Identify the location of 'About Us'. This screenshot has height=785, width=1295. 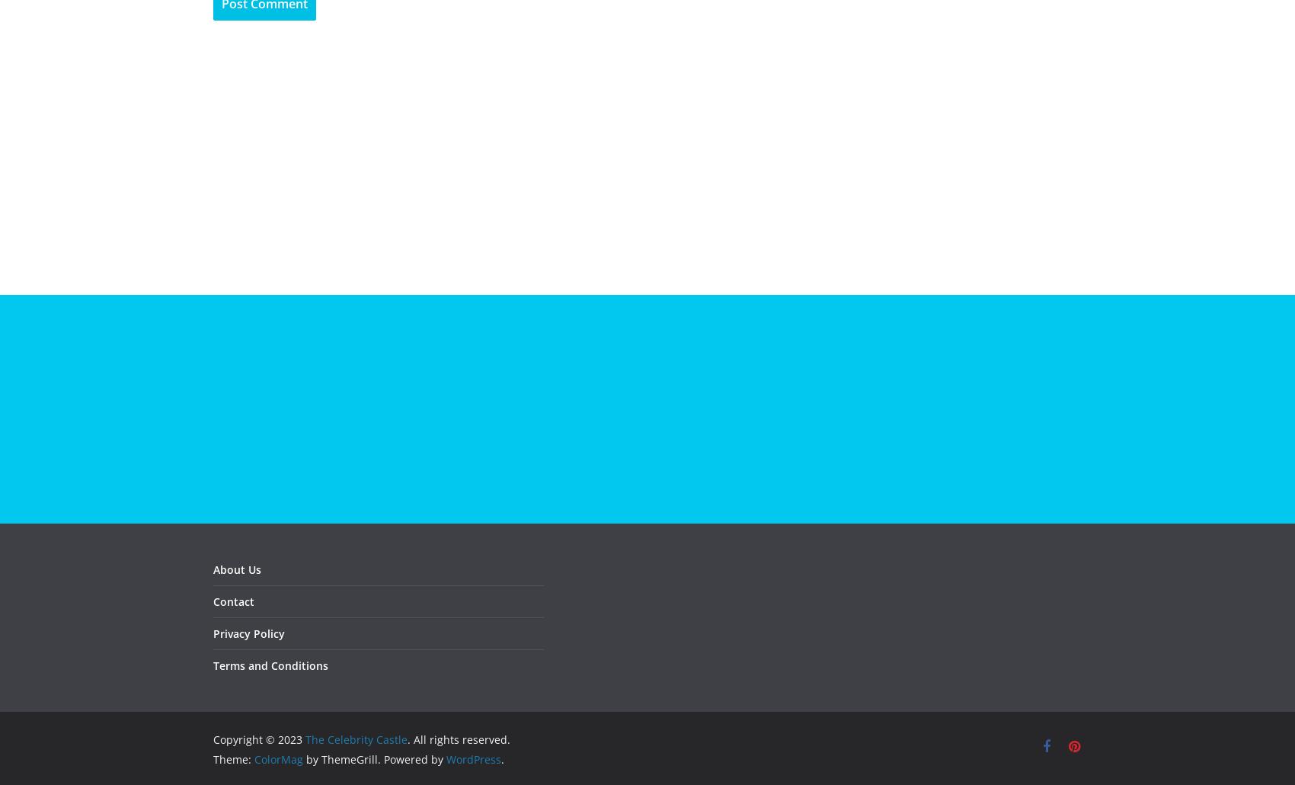
(237, 569).